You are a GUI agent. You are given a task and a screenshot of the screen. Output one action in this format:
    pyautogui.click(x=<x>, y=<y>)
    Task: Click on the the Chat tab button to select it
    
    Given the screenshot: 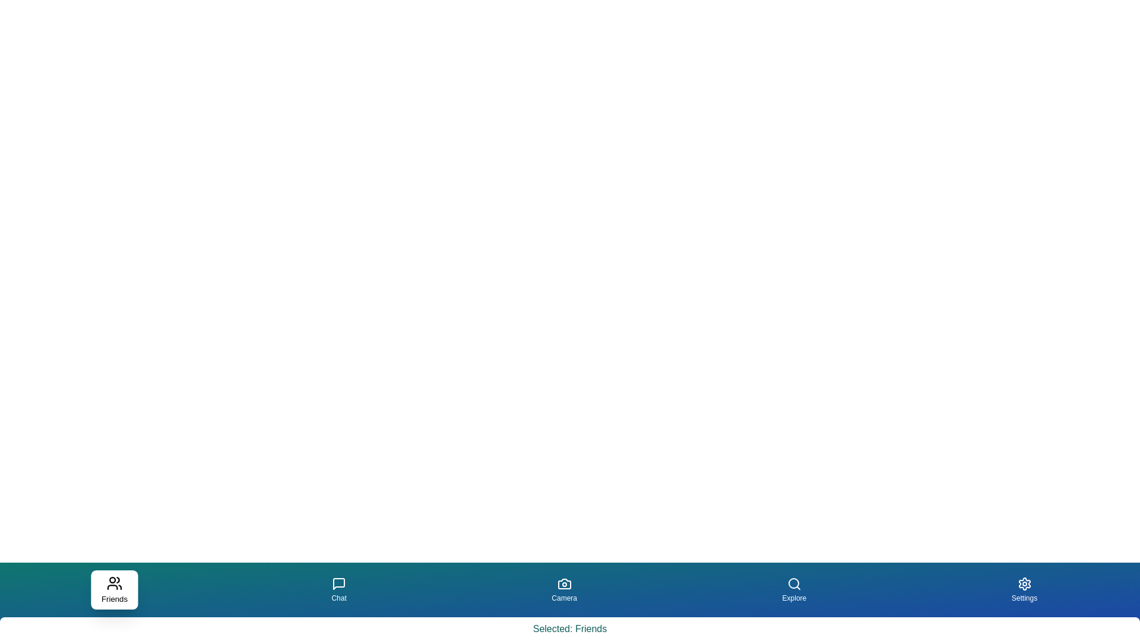 What is the action you would take?
    pyautogui.click(x=338, y=590)
    